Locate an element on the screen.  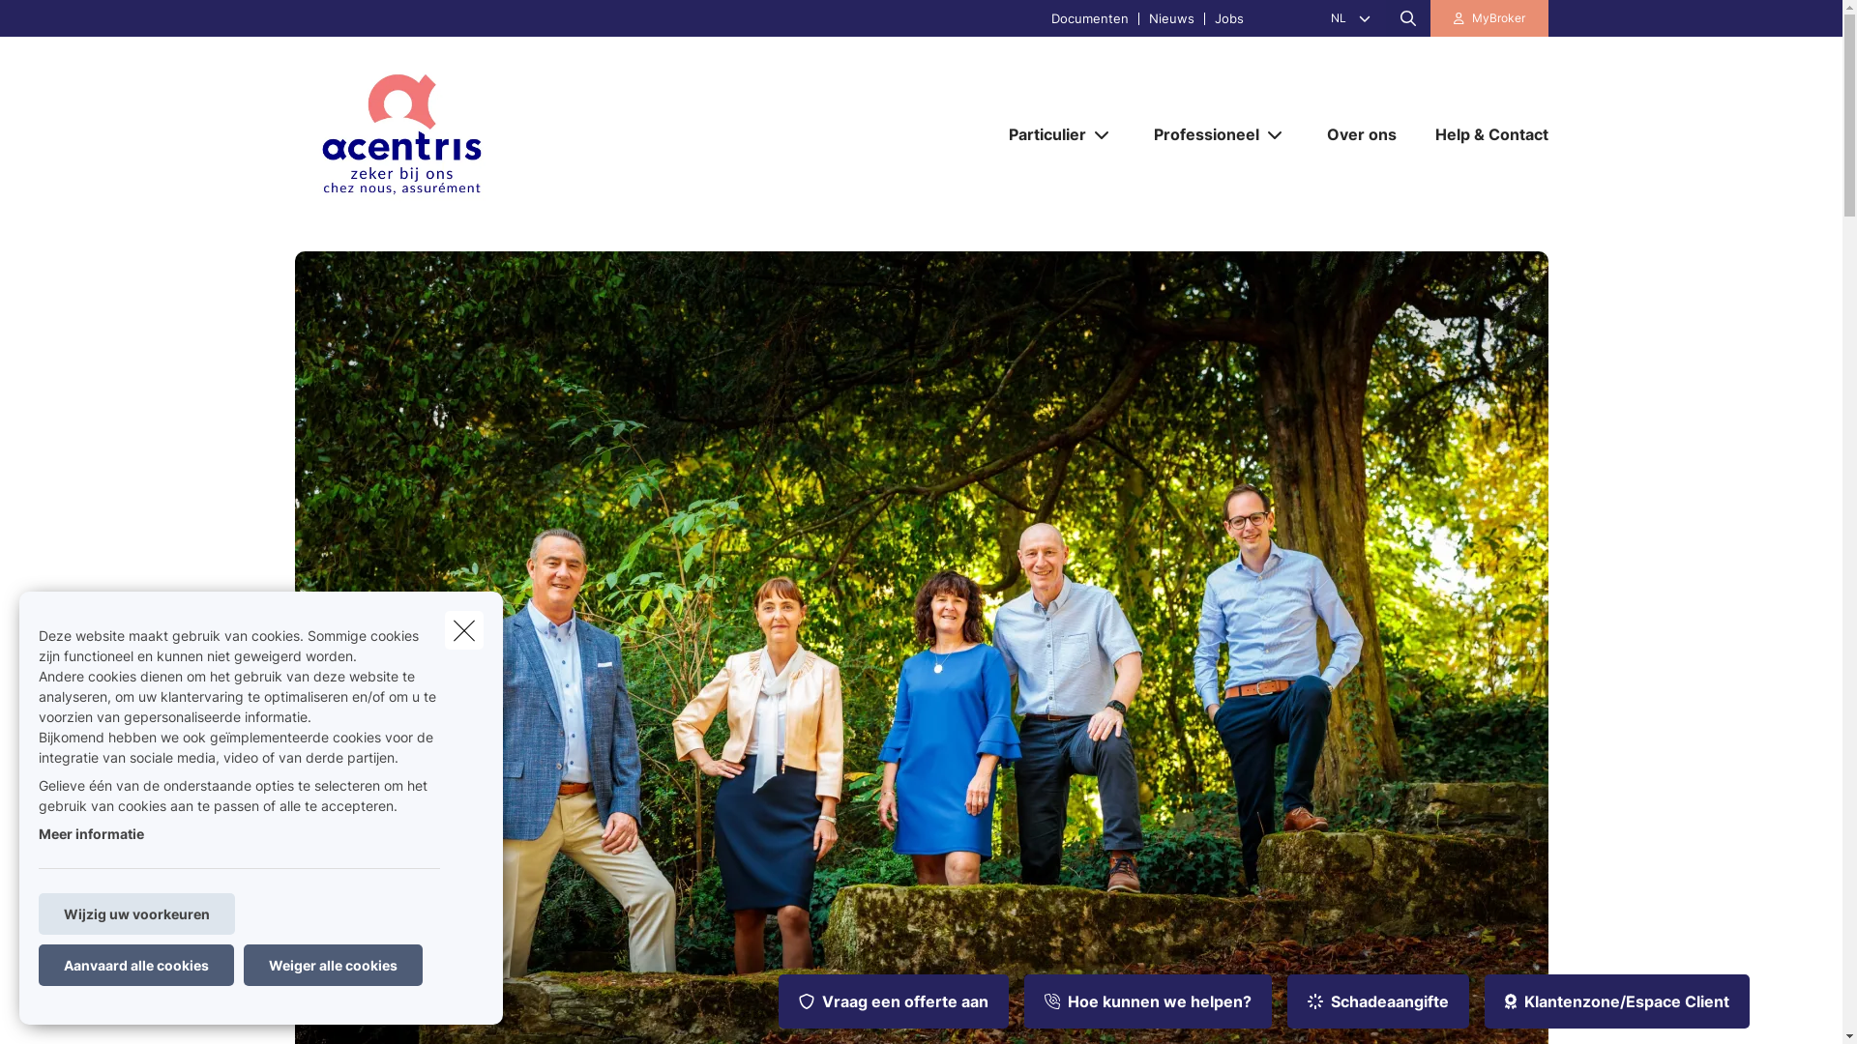
'Weiger alle cookies' is located at coordinates (333, 965).